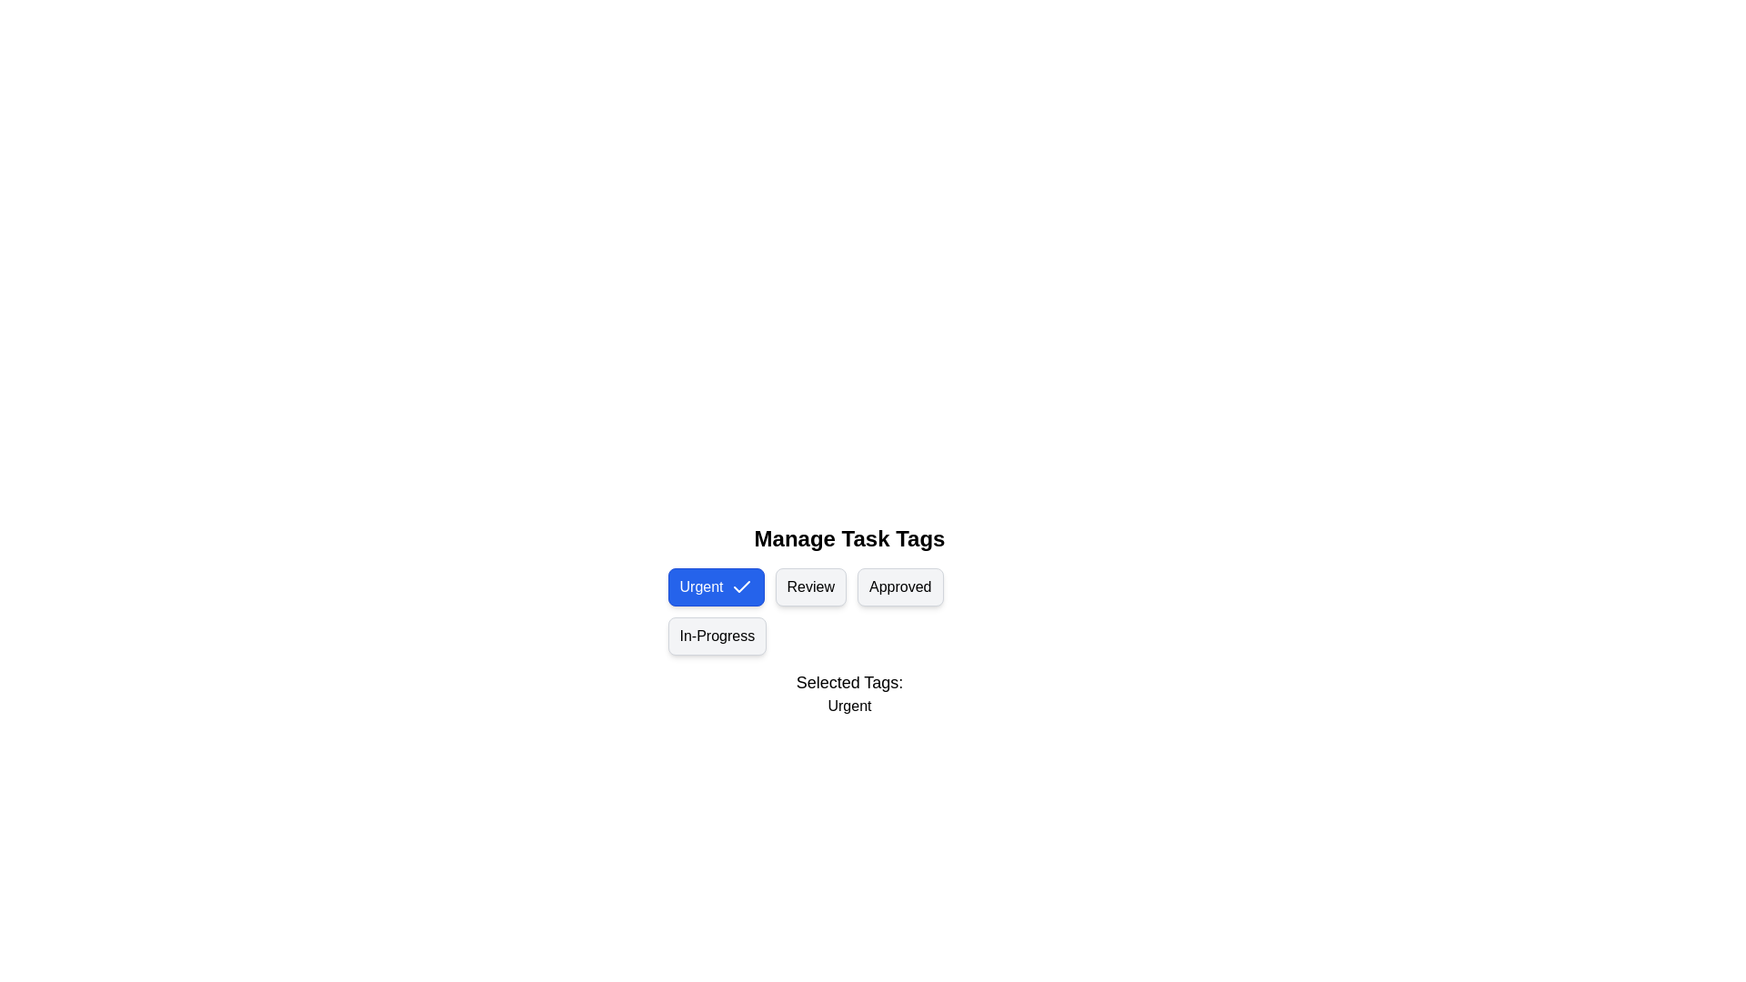  What do you see at coordinates (715, 586) in the screenshot?
I see `the tag chip labeled 'Urgent' to observe its hover effect` at bounding box center [715, 586].